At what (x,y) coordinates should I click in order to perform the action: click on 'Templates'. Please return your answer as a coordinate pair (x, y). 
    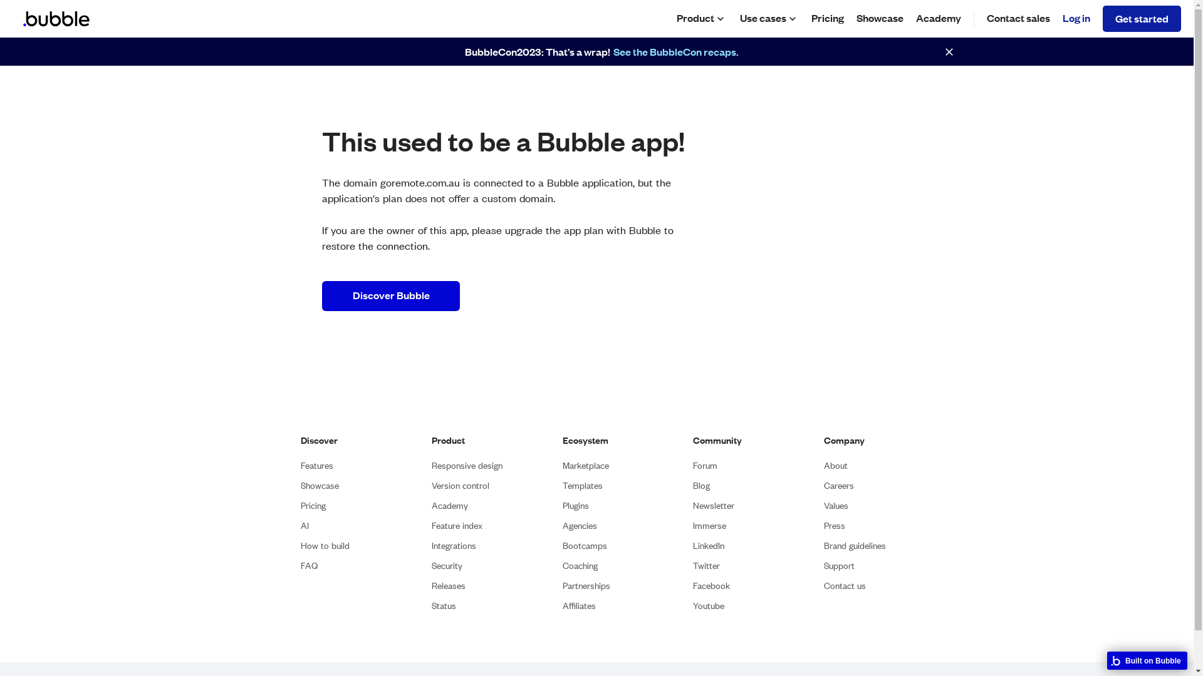
    Looking at the image, I should click on (582, 484).